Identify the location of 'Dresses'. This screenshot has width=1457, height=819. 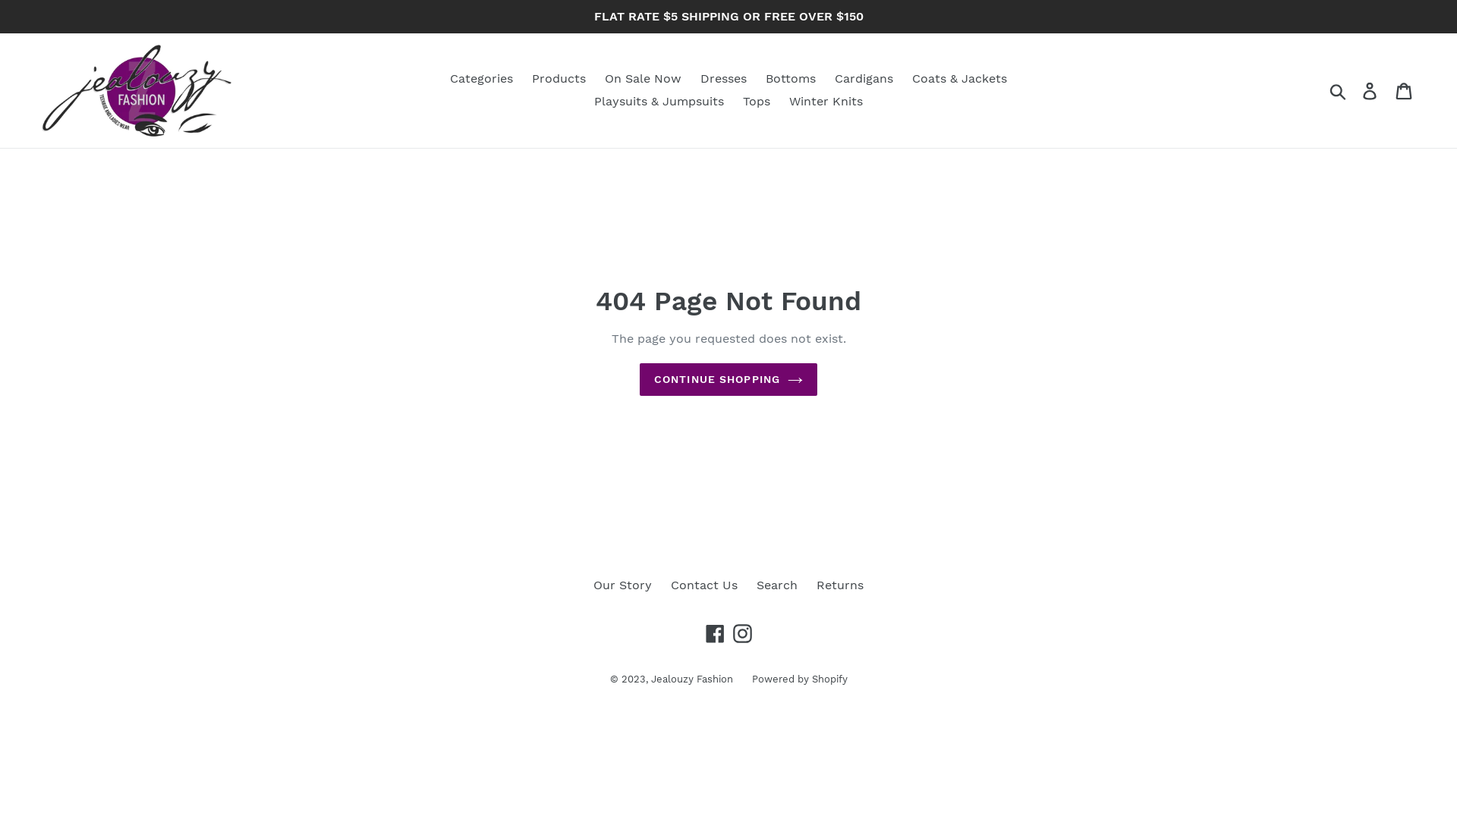
(691, 79).